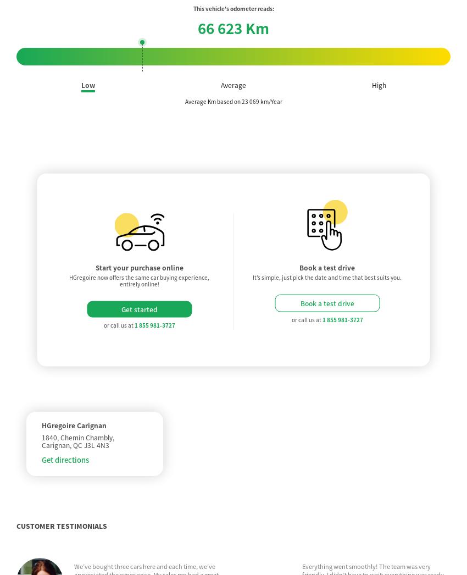 The image size is (467, 575). What do you see at coordinates (95, 389) in the screenshot?
I see `'Karine Thibault'` at bounding box center [95, 389].